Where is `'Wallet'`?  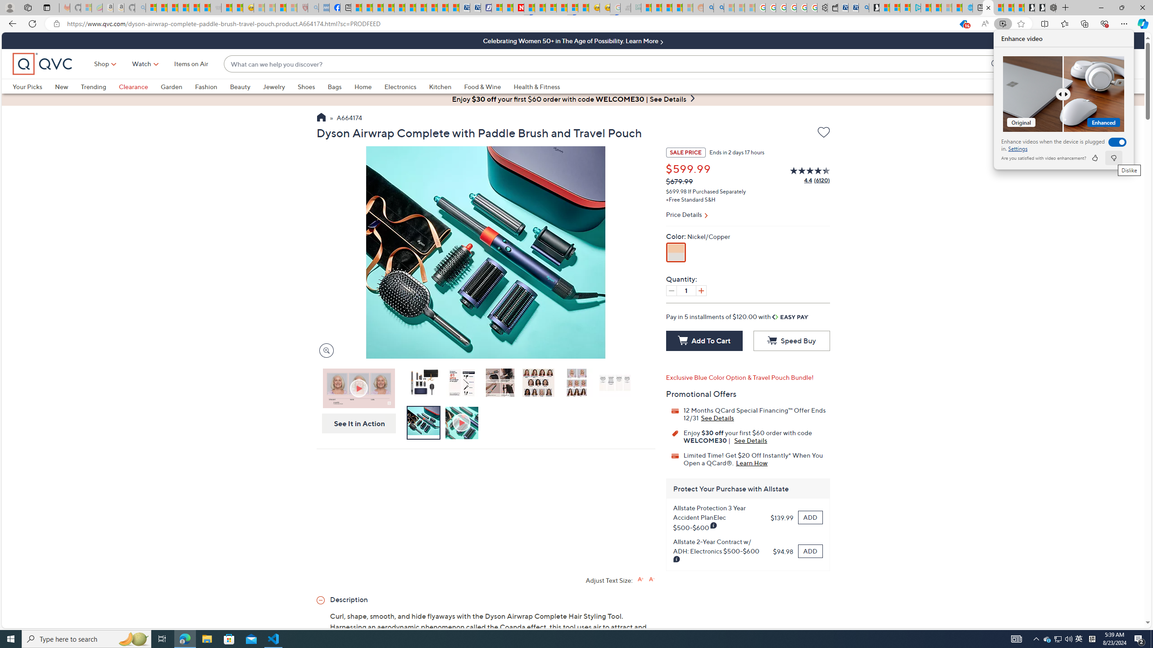
'Wallet' is located at coordinates (832, 7).